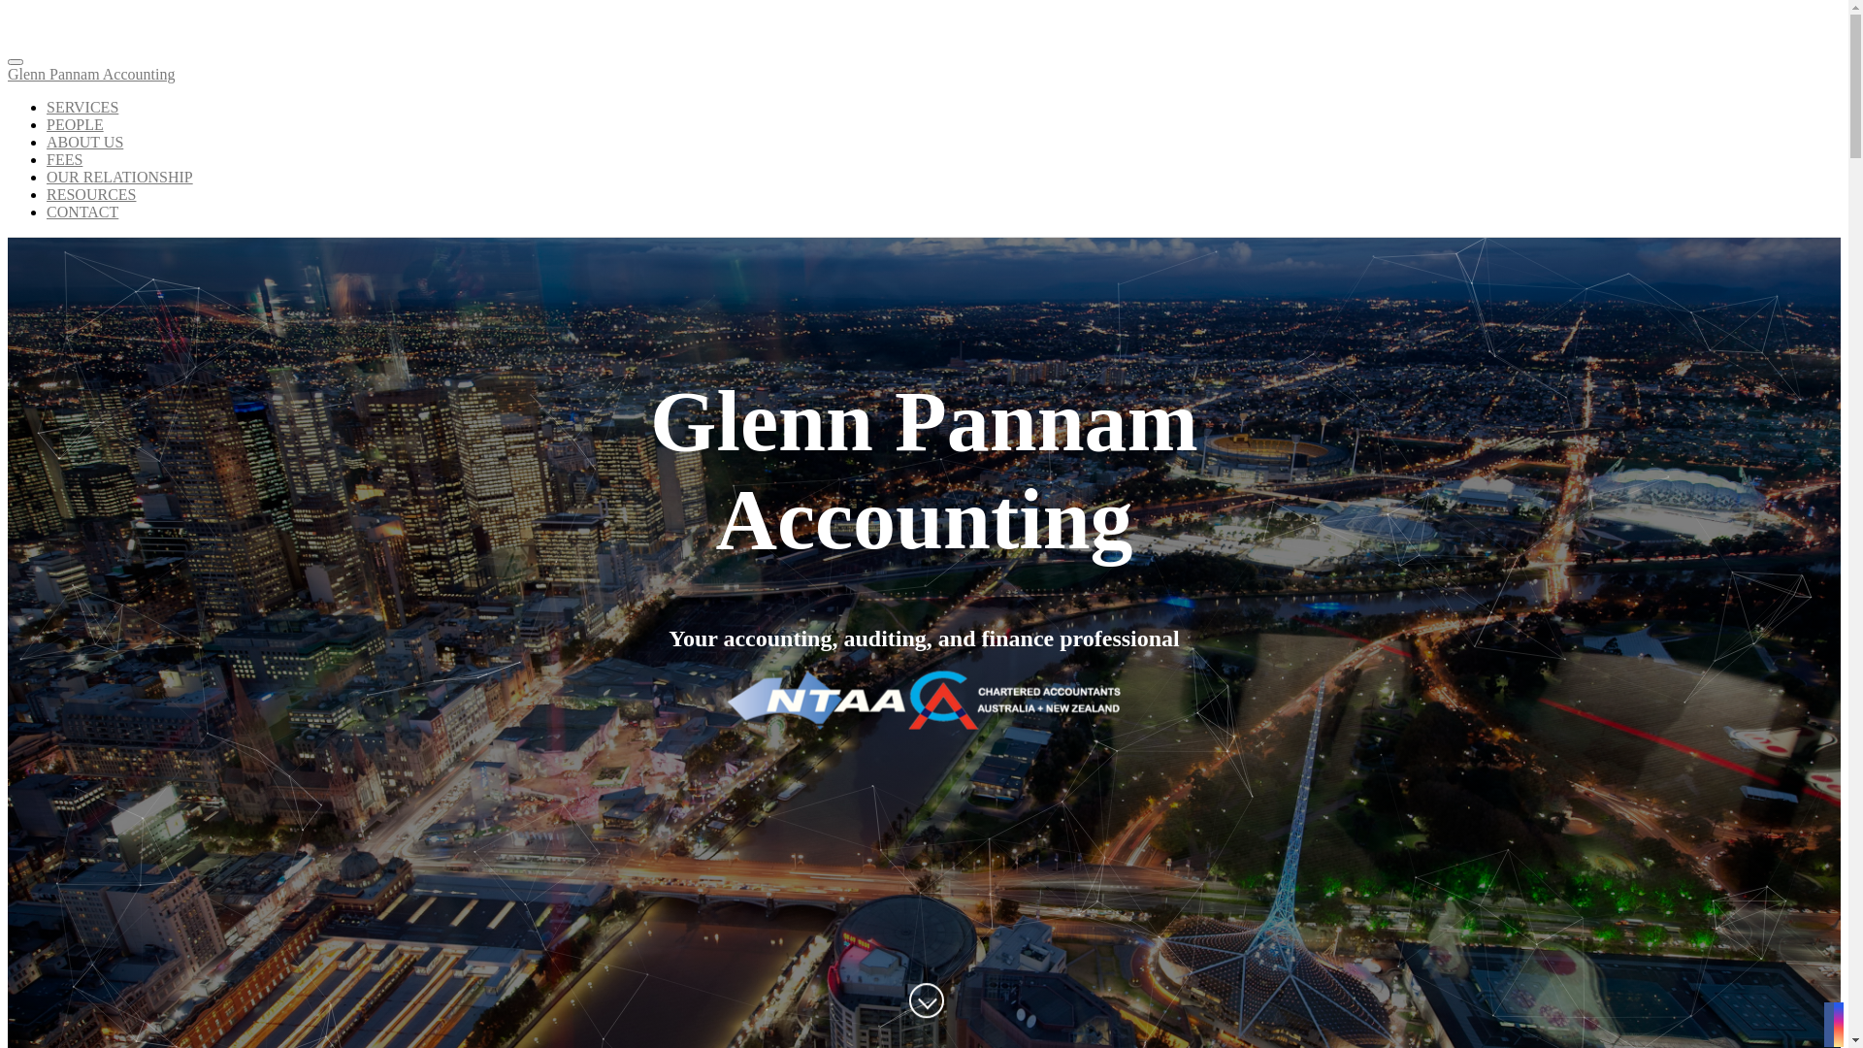 This screenshot has height=1048, width=1863. I want to click on 'RESOURCES', so click(90, 194).